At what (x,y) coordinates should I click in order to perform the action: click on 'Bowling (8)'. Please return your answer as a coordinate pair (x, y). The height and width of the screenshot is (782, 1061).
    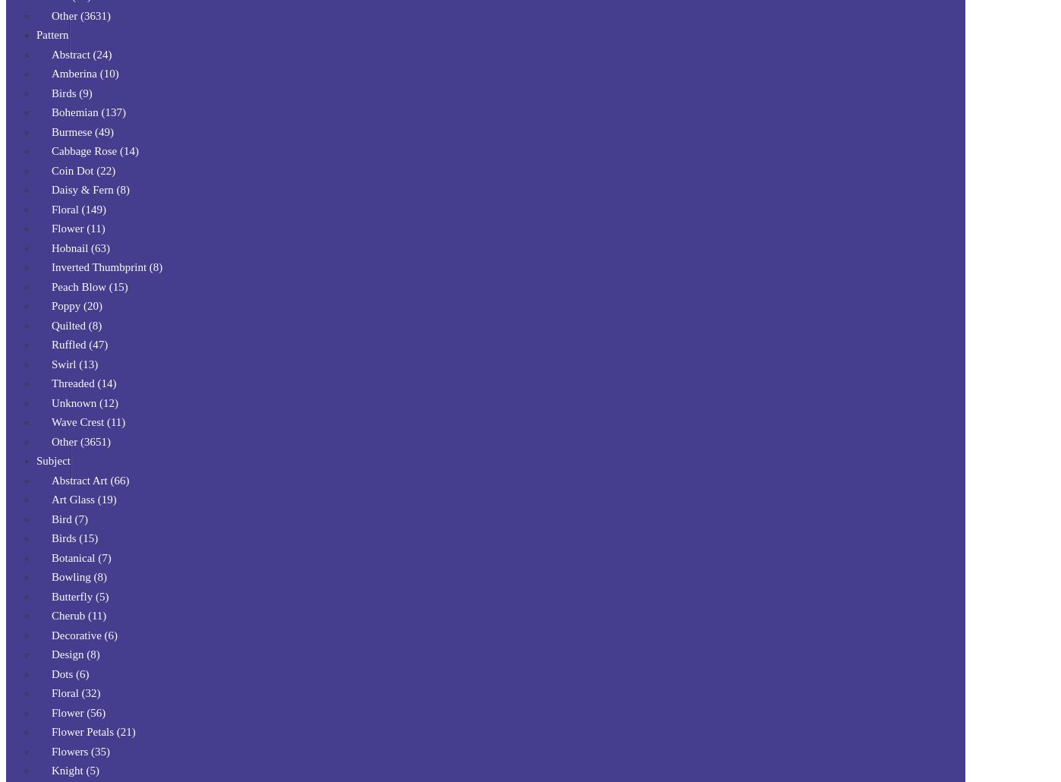
    Looking at the image, I should click on (51, 577).